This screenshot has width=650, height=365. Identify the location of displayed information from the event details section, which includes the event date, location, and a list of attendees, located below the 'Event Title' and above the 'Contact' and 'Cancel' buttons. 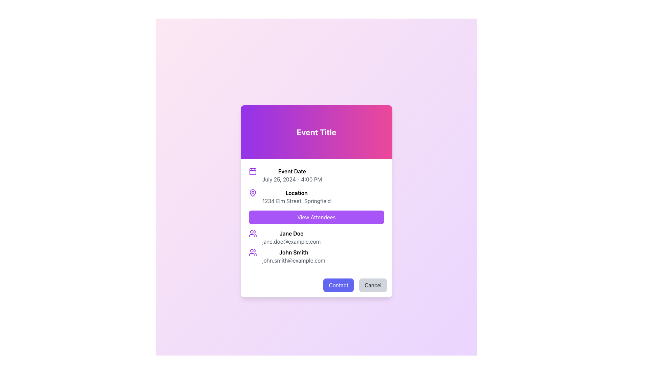
(316, 216).